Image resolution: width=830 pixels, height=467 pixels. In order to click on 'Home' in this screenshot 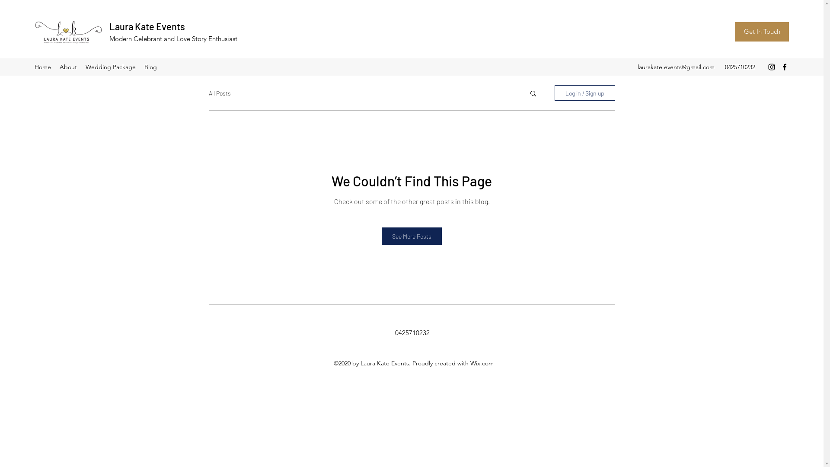, I will do `click(30, 66)`.